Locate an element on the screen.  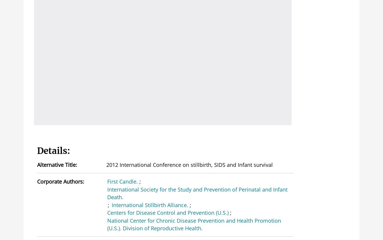
'Alternative Title:' is located at coordinates (57, 164).